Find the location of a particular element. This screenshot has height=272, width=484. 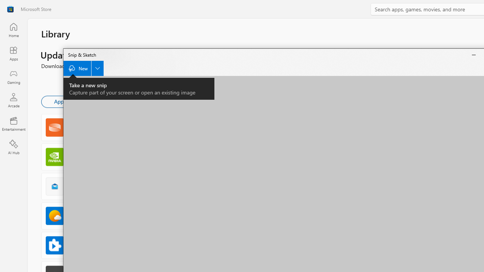

'AI Hub' is located at coordinates (13, 147).